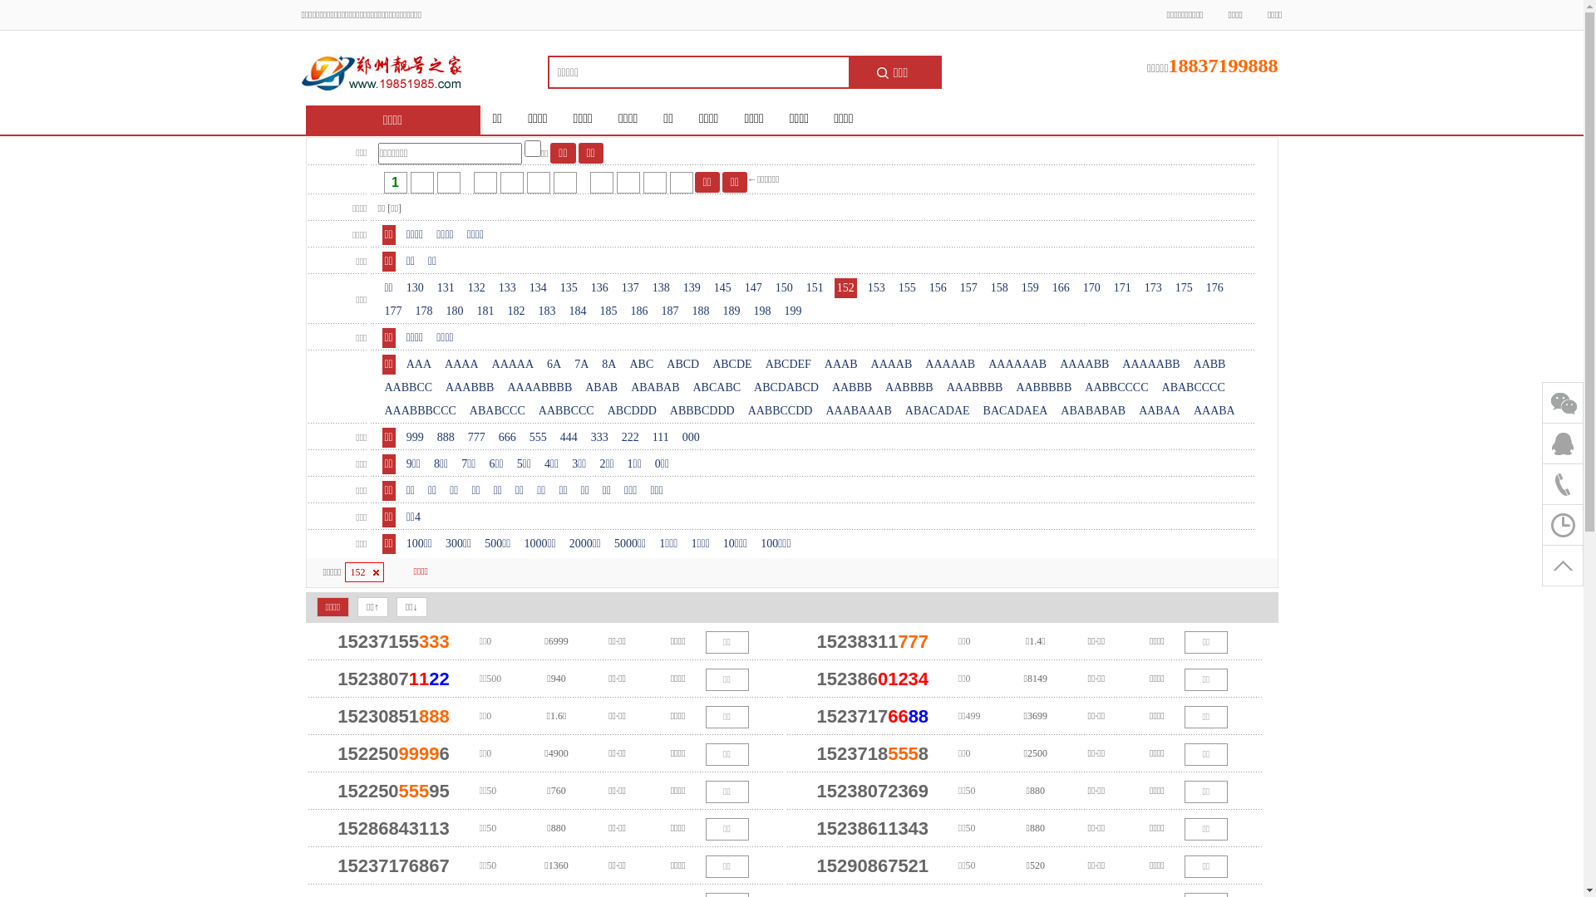 The height and width of the screenshot is (897, 1596). Describe the element at coordinates (638, 311) in the screenshot. I see `'186'` at that location.